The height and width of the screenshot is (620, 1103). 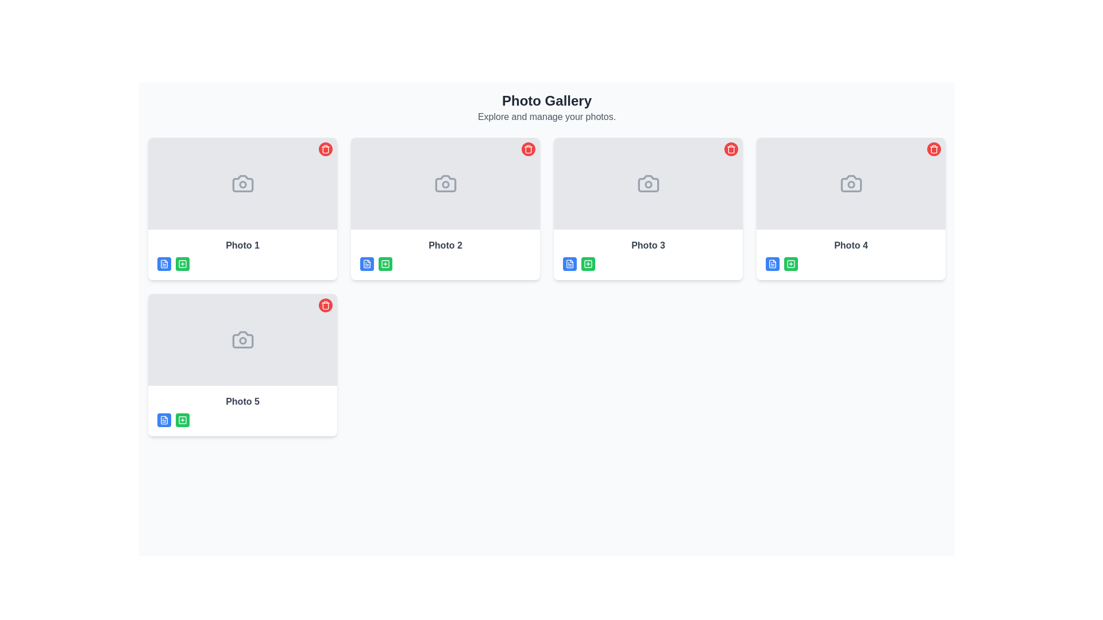 I want to click on the action button located below the thumbnail image labeled 'Photo 1' in the gallery layout, so click(x=182, y=263).